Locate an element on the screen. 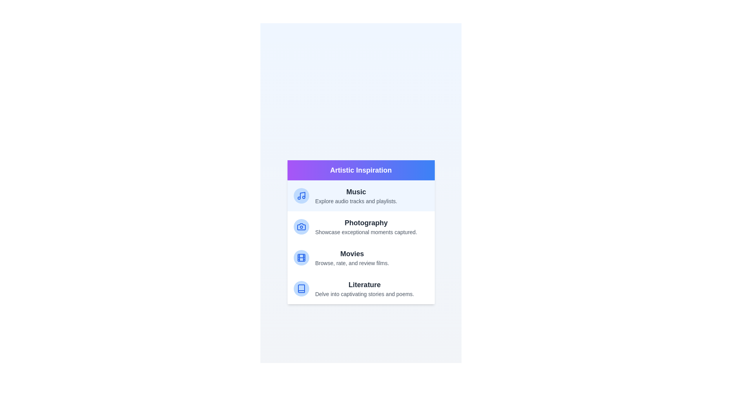 The image size is (744, 418). the background gradient to interact with it is located at coordinates (360, 232).